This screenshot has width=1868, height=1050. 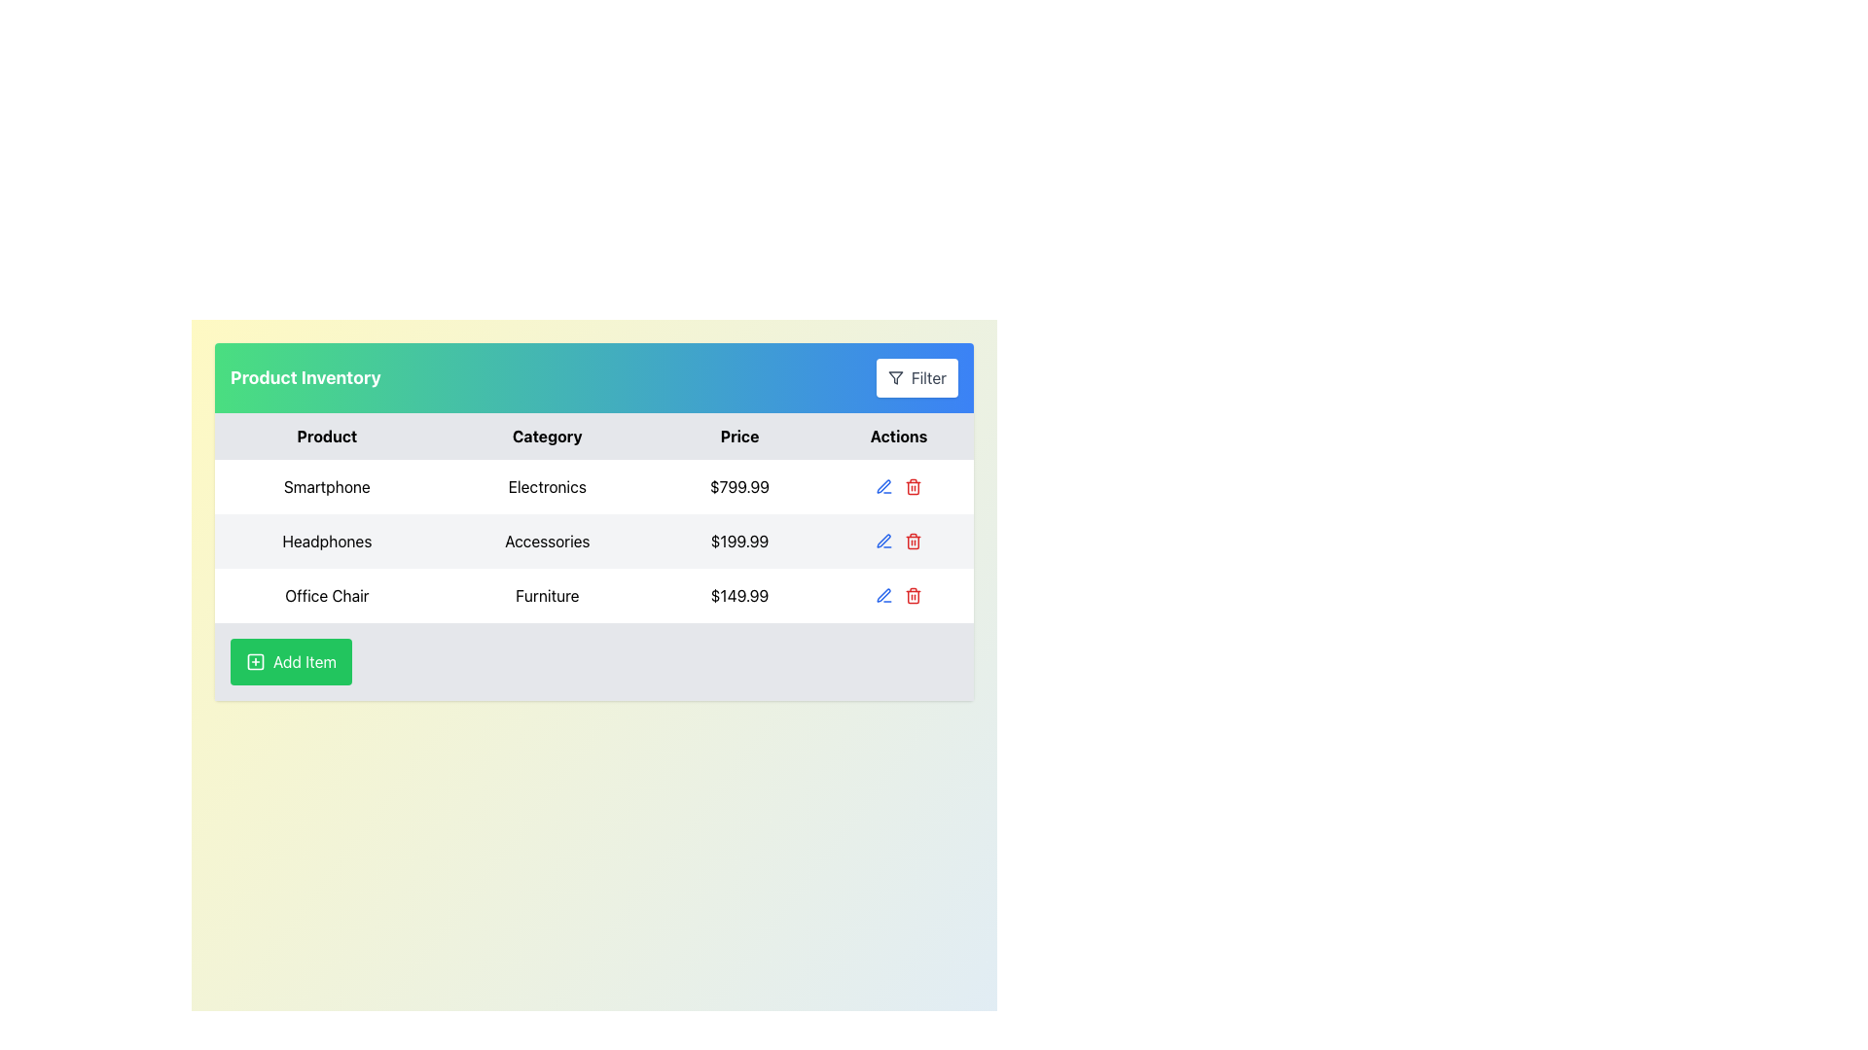 I want to click on the trash bin icon within the action panel of the last row associated with the 'Office Chair' item, so click(x=898, y=595).